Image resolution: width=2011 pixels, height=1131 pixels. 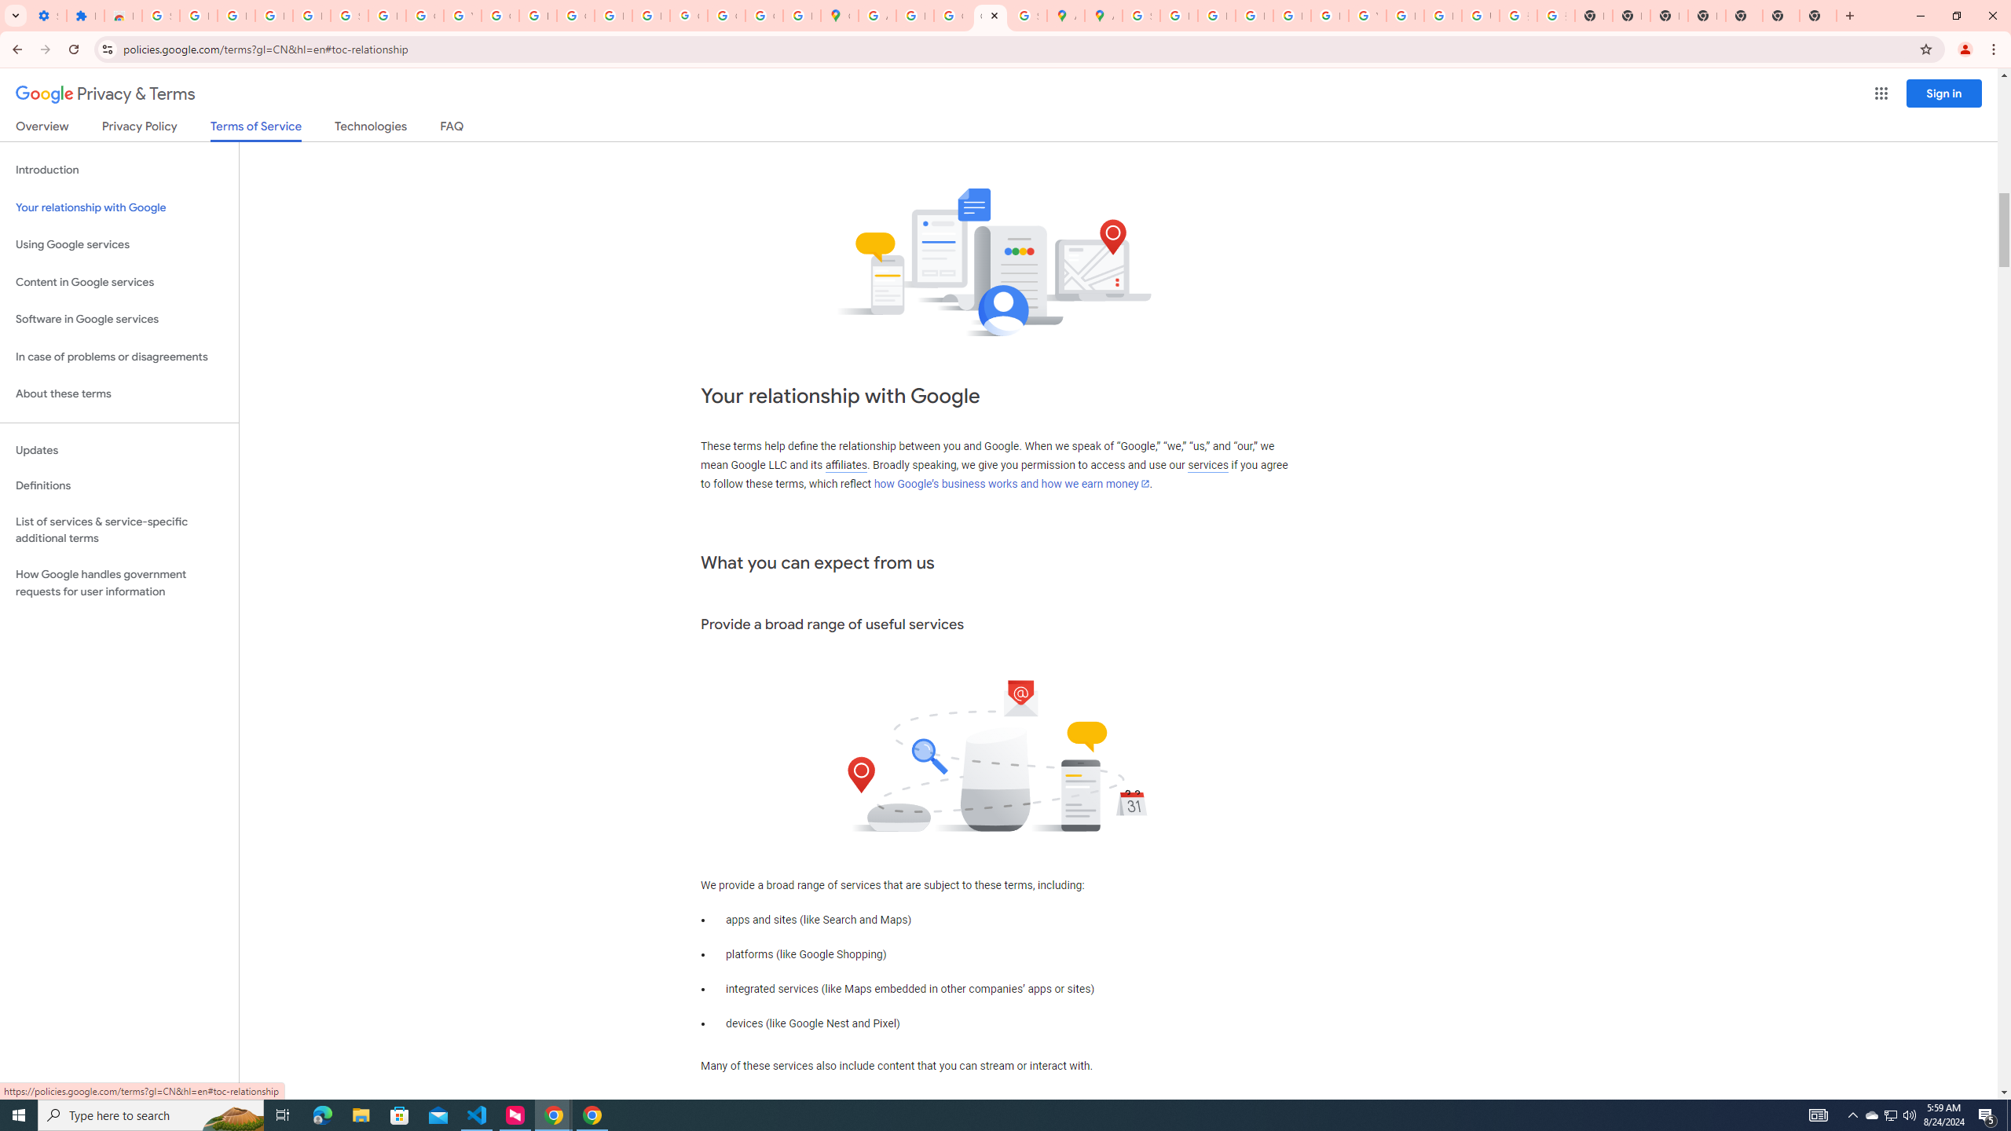 I want to click on 'New Tab', so click(x=1780, y=15).